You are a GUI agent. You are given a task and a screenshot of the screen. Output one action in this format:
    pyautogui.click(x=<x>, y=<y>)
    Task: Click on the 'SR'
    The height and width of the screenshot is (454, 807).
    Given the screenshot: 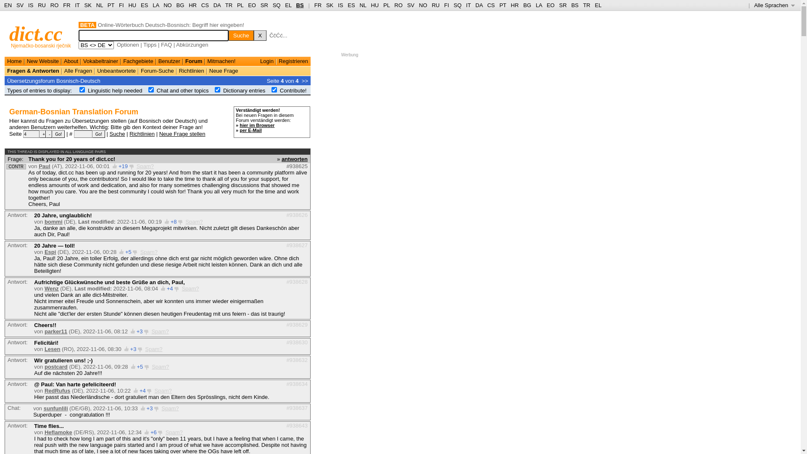 What is the action you would take?
    pyautogui.click(x=264, y=5)
    